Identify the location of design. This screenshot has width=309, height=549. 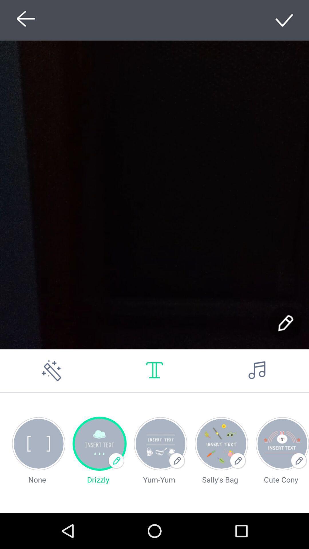
(285, 20).